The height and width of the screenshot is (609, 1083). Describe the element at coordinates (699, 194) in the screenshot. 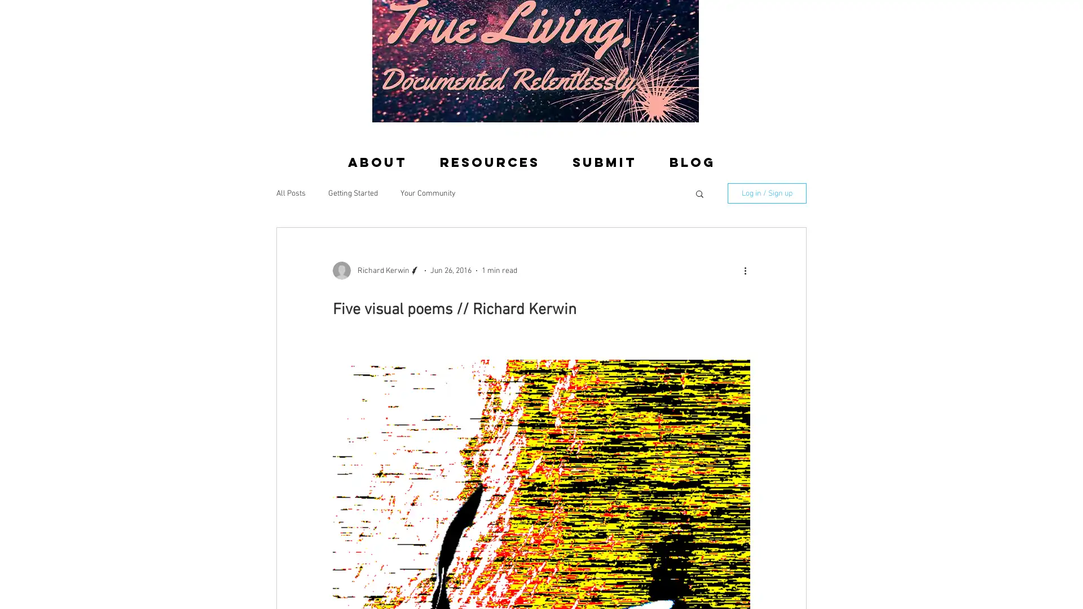

I see `Search` at that location.